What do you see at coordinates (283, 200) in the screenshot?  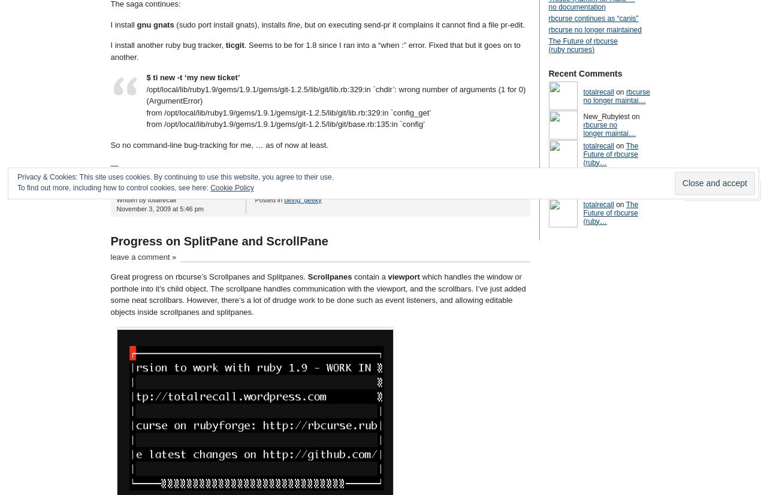 I see `'being_geeky'` at bounding box center [283, 200].